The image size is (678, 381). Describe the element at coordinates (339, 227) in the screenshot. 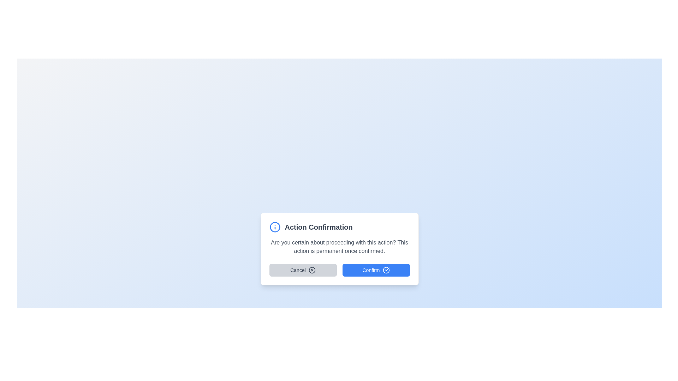

I see `text of the Header with an informational icon, which is the title of the modal dialog providing context about its purpose` at that location.